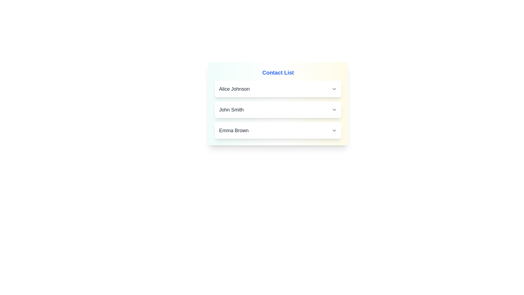  What do you see at coordinates (334, 110) in the screenshot?
I see `the interactive icon associated with John Smith` at bounding box center [334, 110].